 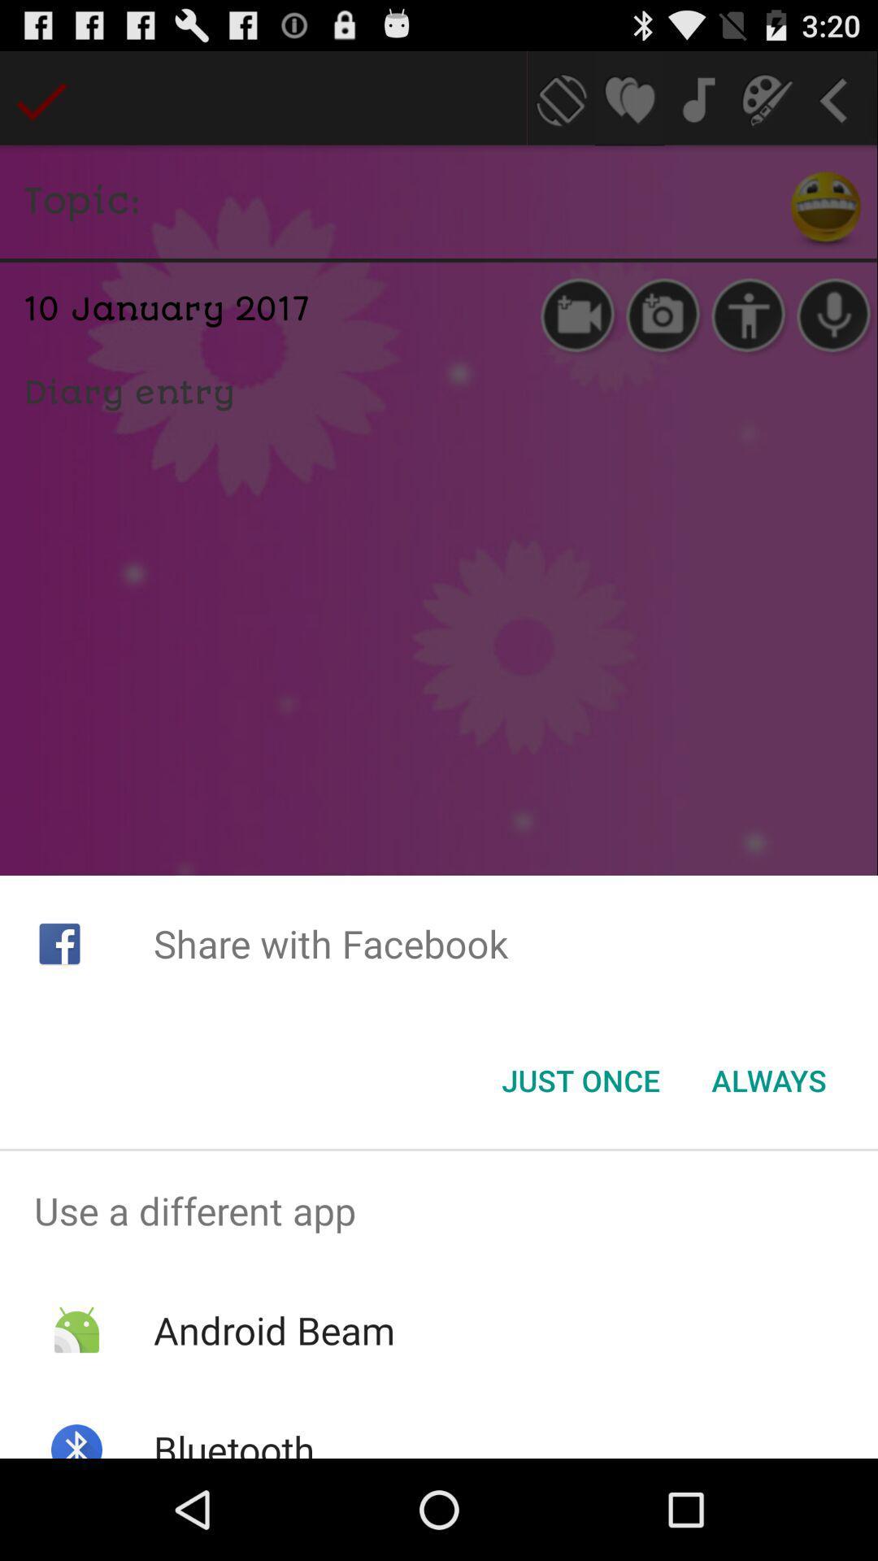 I want to click on always item, so click(x=768, y=1081).